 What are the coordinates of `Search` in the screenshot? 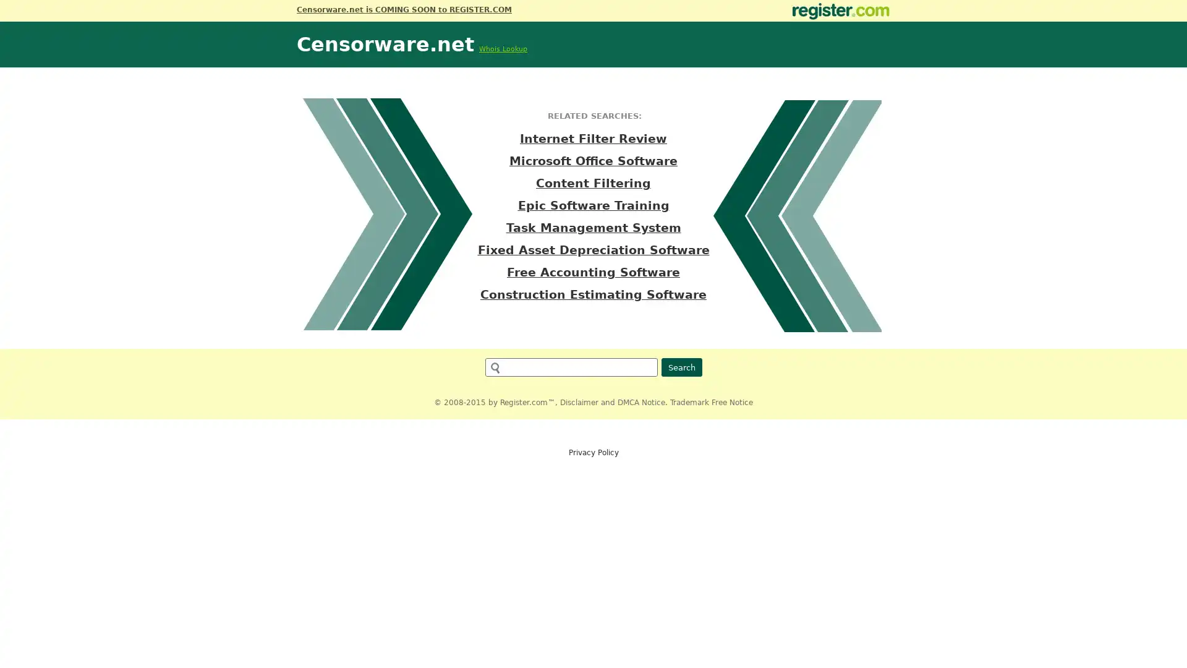 It's located at (681, 367).